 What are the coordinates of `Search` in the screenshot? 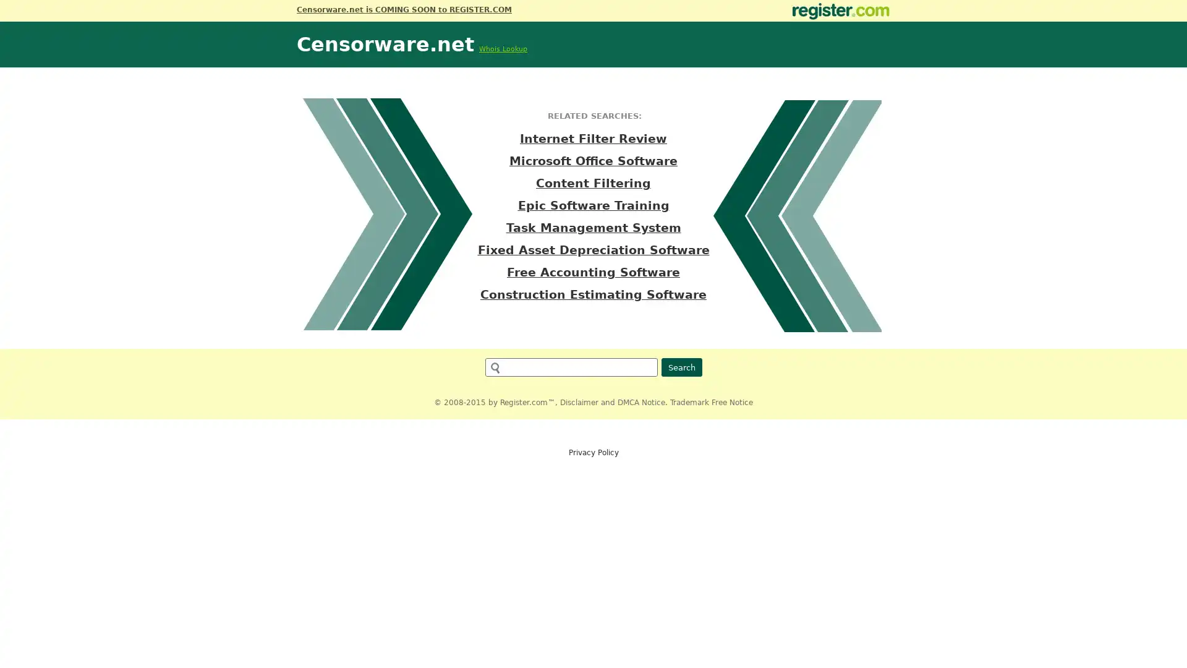 It's located at (681, 367).